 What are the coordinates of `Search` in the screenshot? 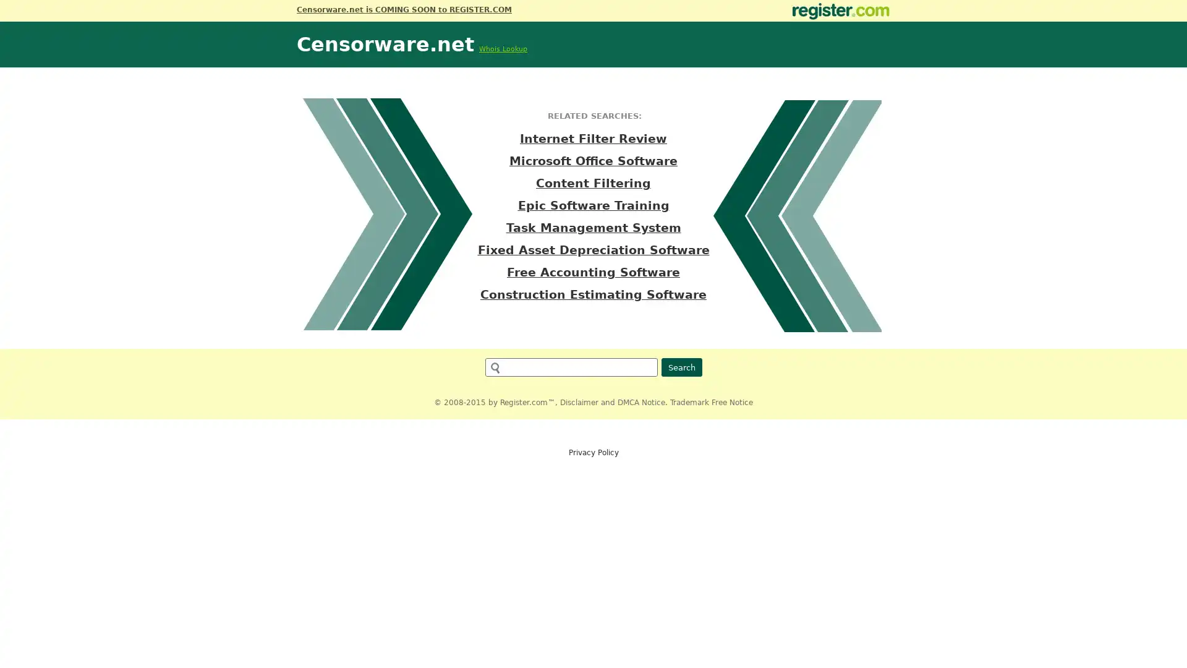 It's located at (681, 367).